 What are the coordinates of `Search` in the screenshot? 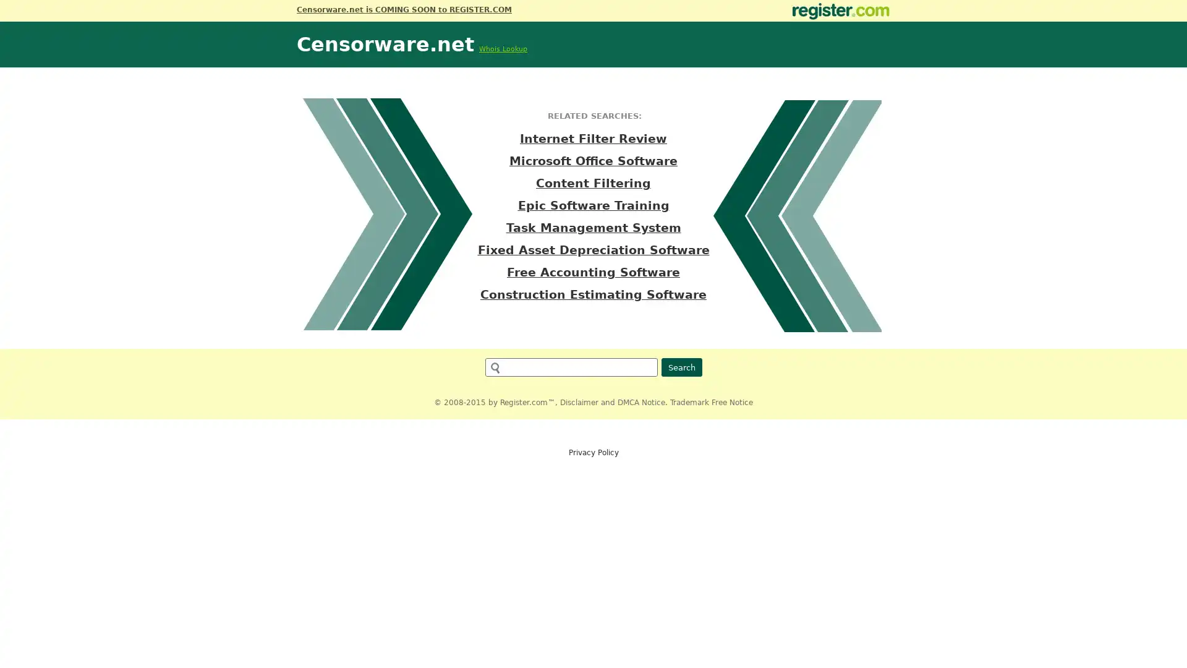 It's located at (681, 367).